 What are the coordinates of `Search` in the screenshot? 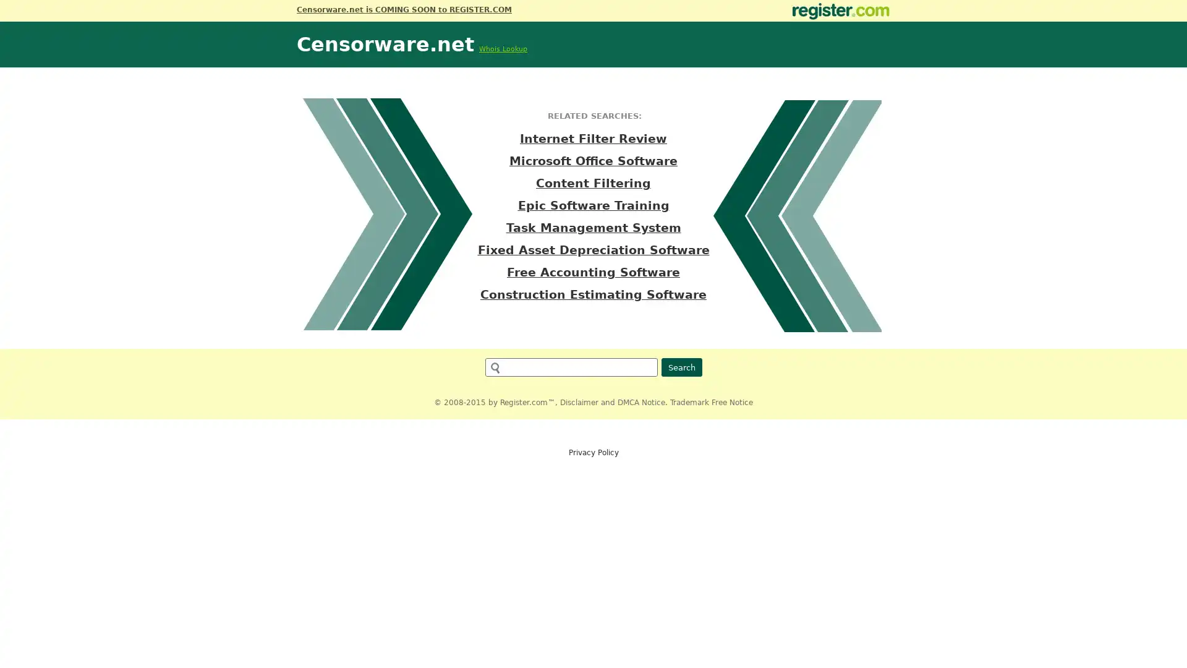 It's located at (681, 367).